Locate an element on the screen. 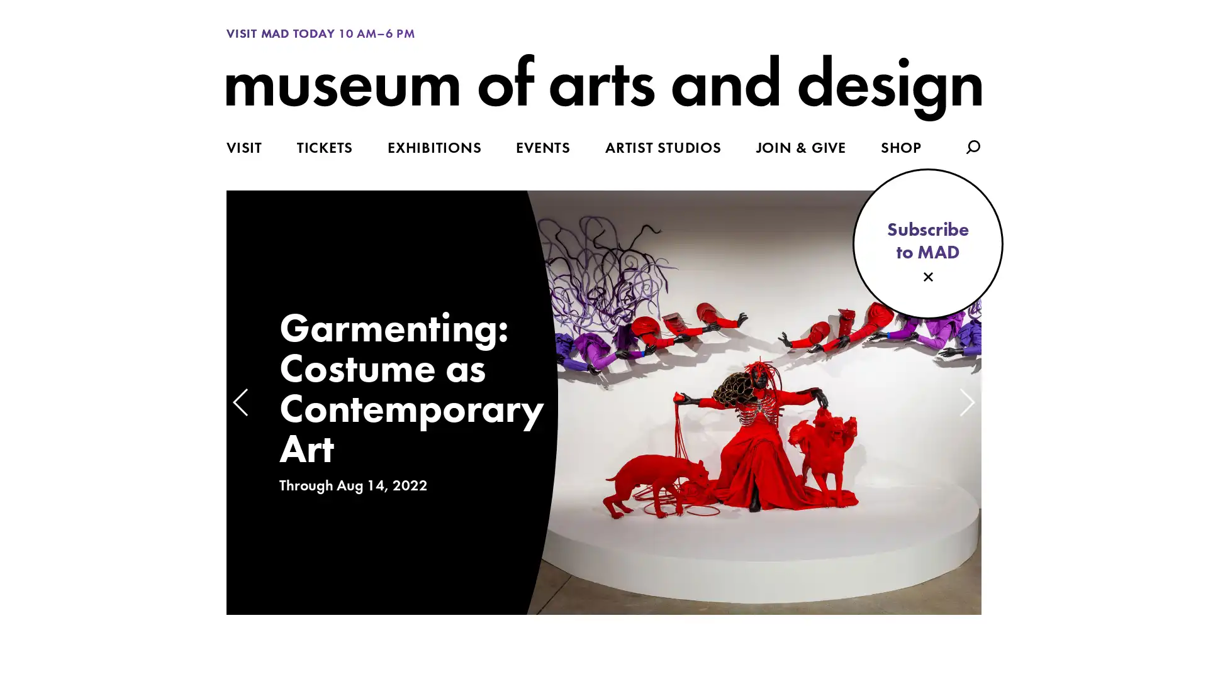 The image size is (1208, 679). Next slide is located at coordinates (966, 402).